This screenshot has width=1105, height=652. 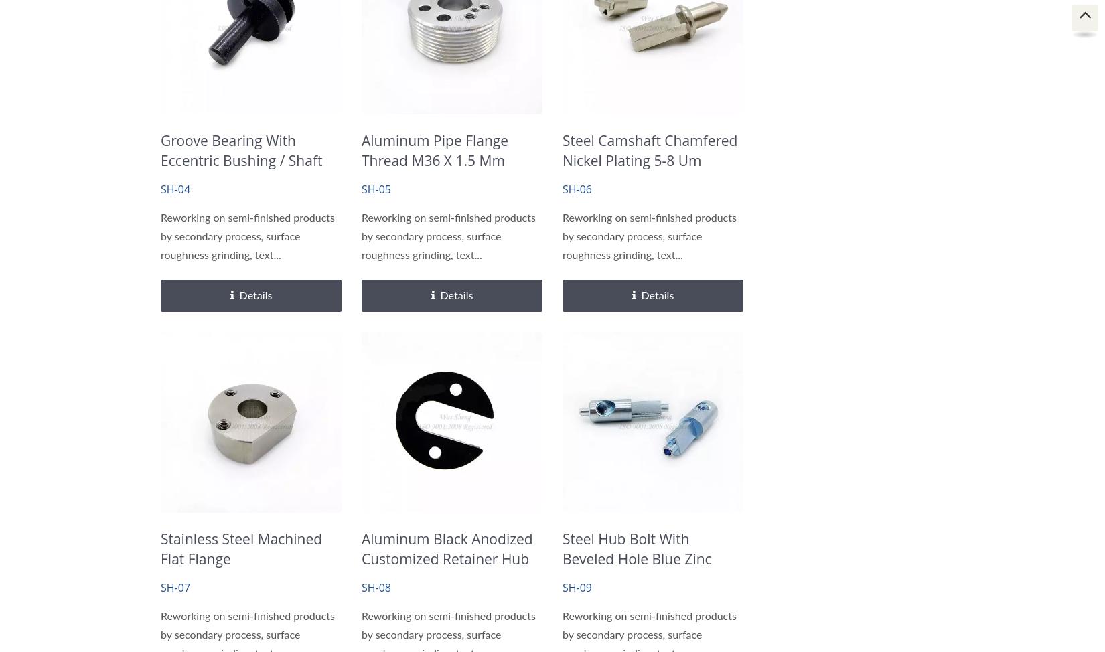 What do you see at coordinates (577, 587) in the screenshot?
I see `'SH-09'` at bounding box center [577, 587].